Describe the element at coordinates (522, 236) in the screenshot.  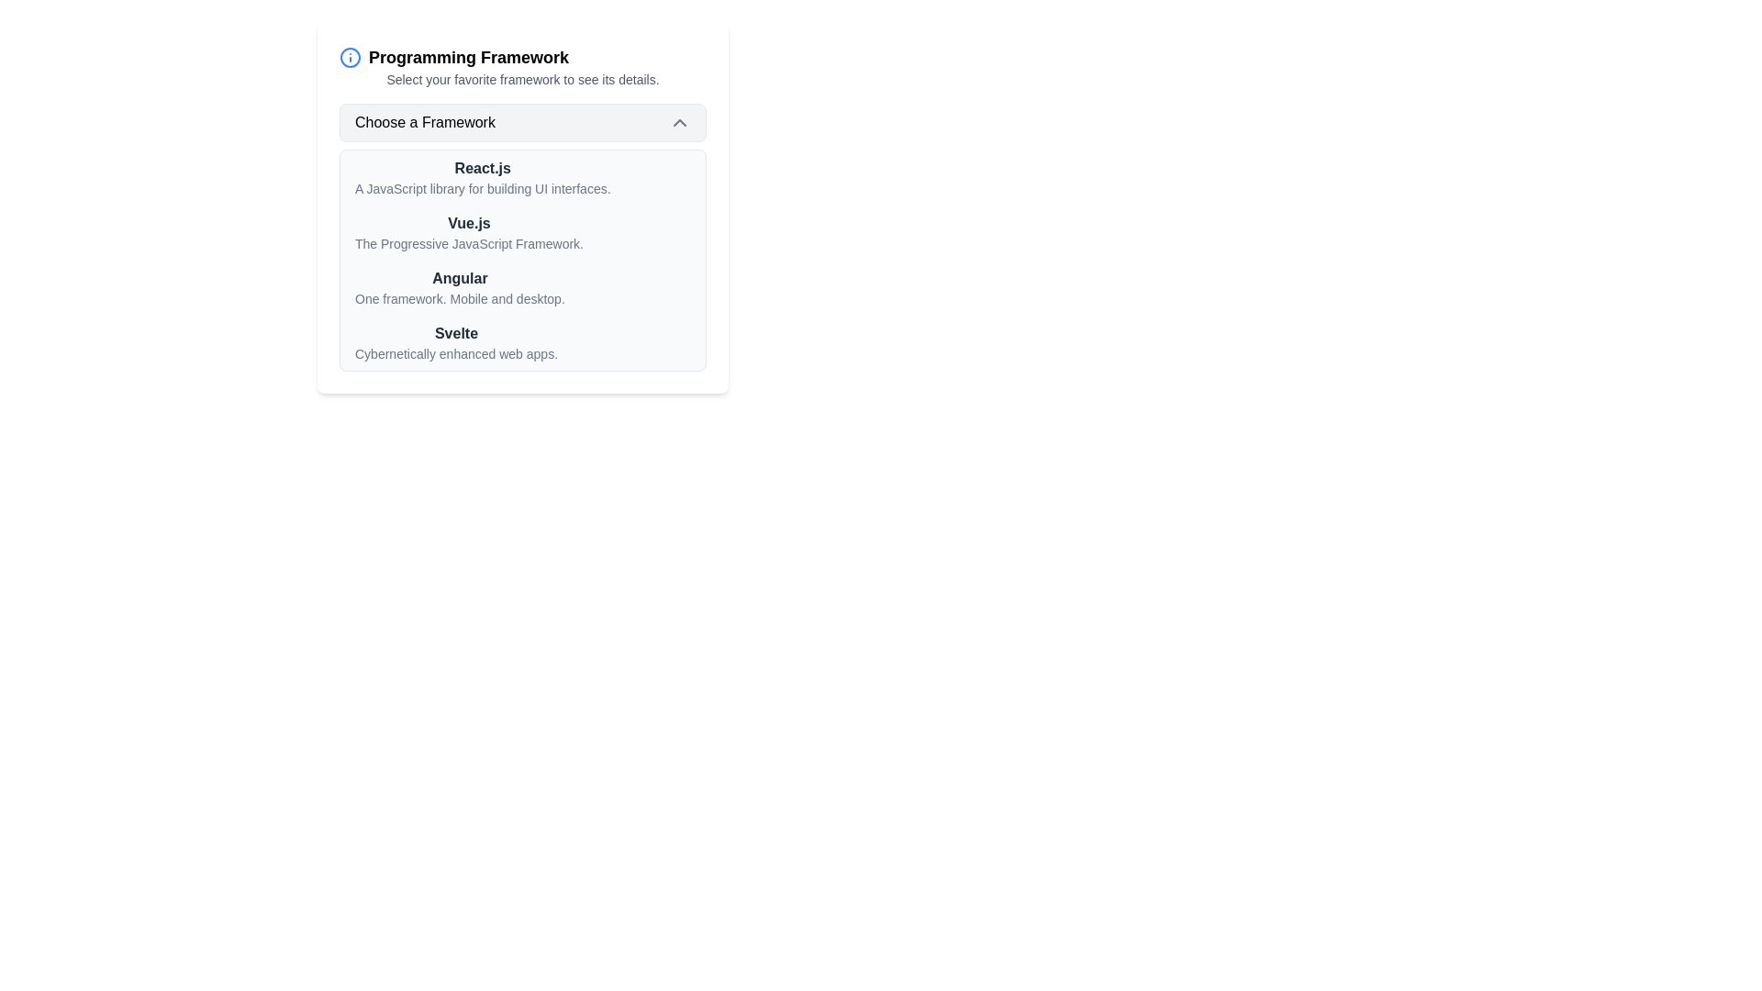
I see `the 'Choose a Framework' dropdown menu` at that location.